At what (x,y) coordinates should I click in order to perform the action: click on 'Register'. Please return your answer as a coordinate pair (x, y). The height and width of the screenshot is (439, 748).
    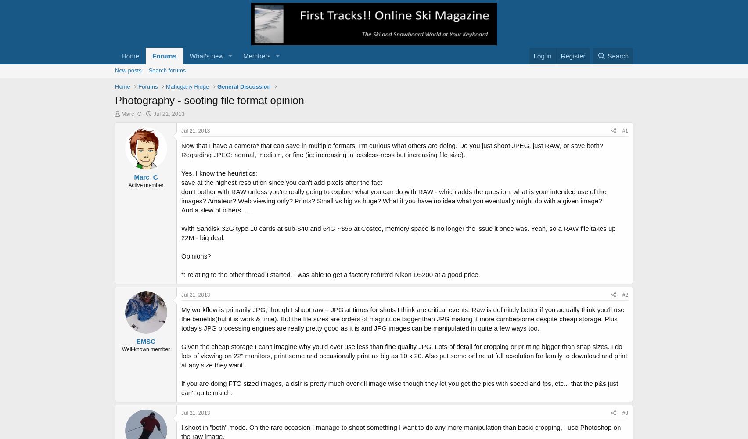
    Looking at the image, I should click on (572, 56).